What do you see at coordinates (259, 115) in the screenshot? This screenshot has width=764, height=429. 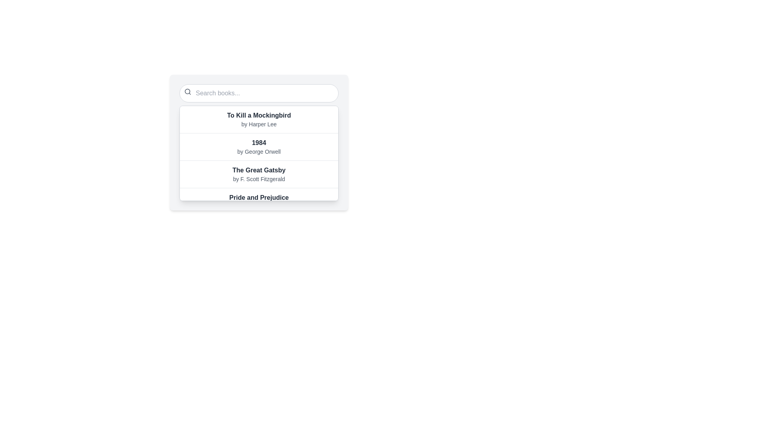 I see `the text label displaying 'To Kill a Mockingbird' which is styled in bold and located at the top of the book entry list` at bounding box center [259, 115].